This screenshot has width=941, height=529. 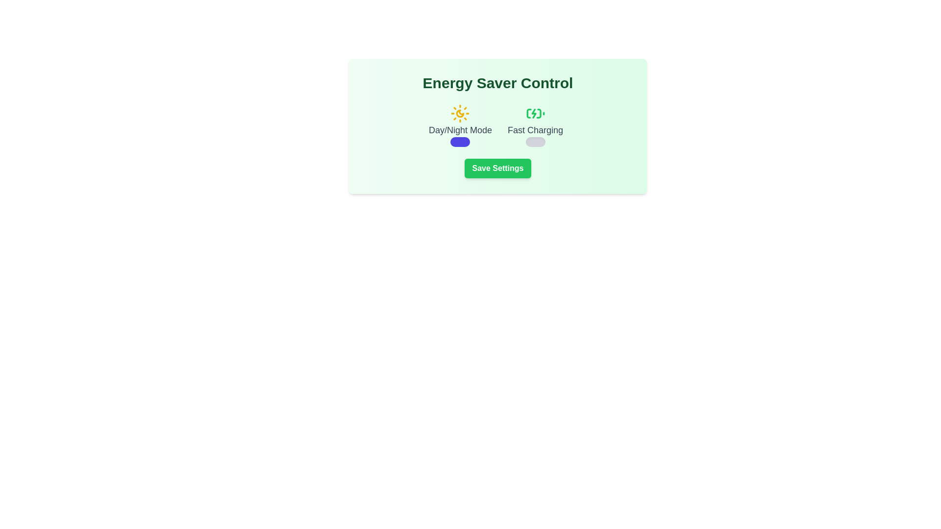 What do you see at coordinates (498, 168) in the screenshot?
I see `the 'Save Settings' button` at bounding box center [498, 168].